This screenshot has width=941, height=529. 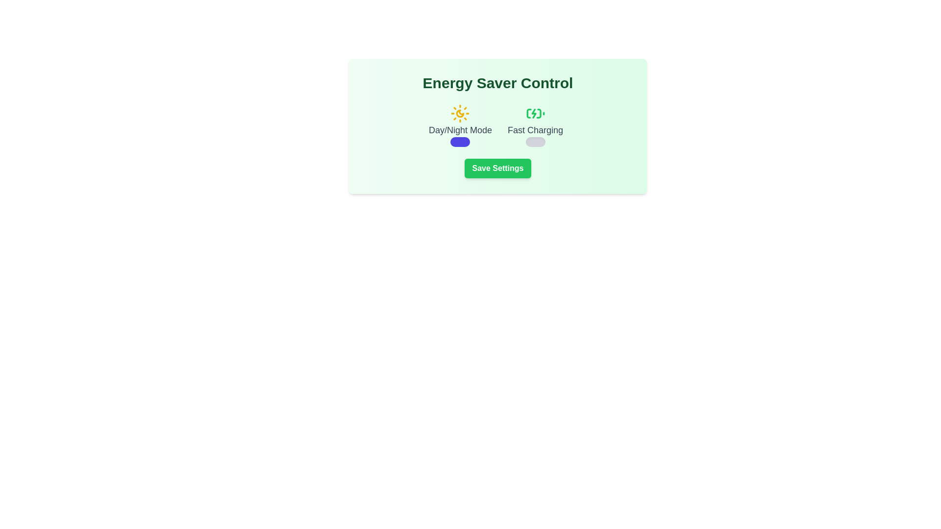 What do you see at coordinates (498, 168) in the screenshot?
I see `the 'Save Settings' button` at bounding box center [498, 168].